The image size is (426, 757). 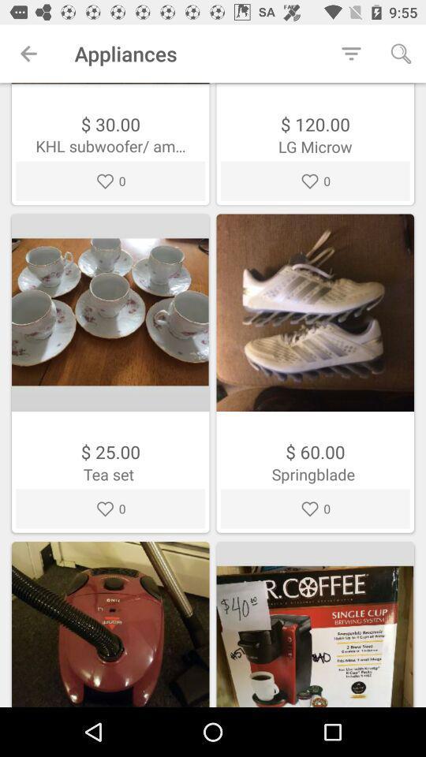 I want to click on the first row second image, so click(x=315, y=311).